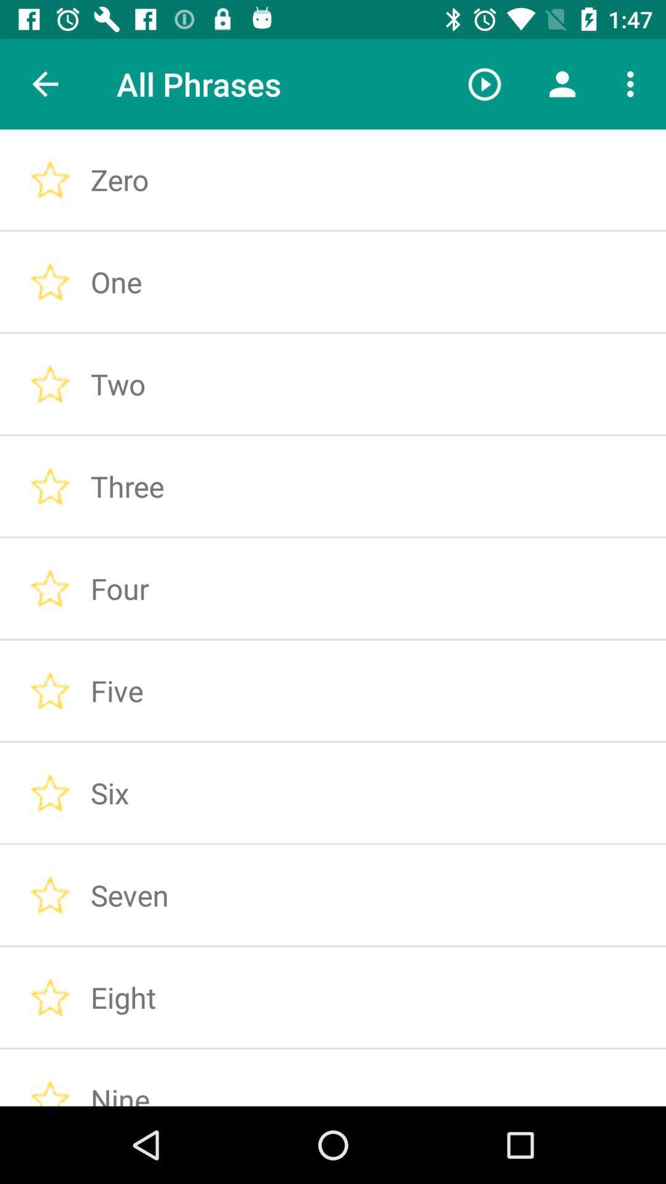 This screenshot has width=666, height=1184. Describe the element at coordinates (44, 83) in the screenshot. I see `icon next to the all phrases` at that location.